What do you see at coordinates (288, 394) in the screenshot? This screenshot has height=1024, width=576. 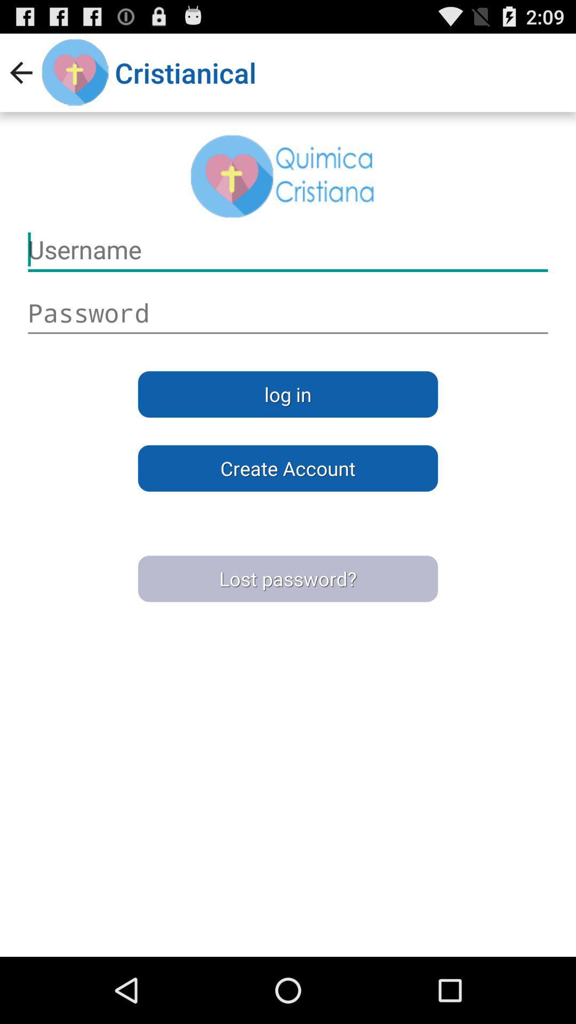 I see `the log in` at bounding box center [288, 394].